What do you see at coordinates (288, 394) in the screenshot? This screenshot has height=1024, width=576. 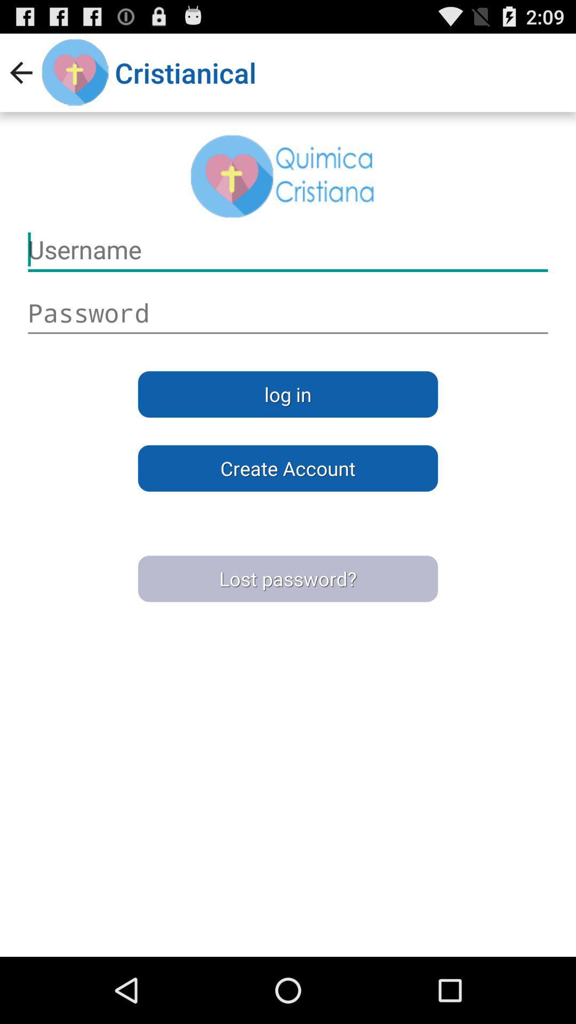 I see `the log in` at bounding box center [288, 394].